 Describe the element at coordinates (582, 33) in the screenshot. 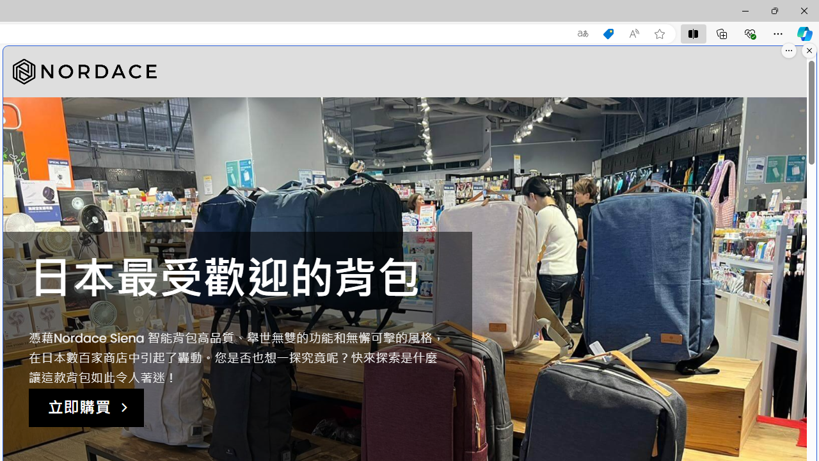

I see `'Show translate options'` at that location.